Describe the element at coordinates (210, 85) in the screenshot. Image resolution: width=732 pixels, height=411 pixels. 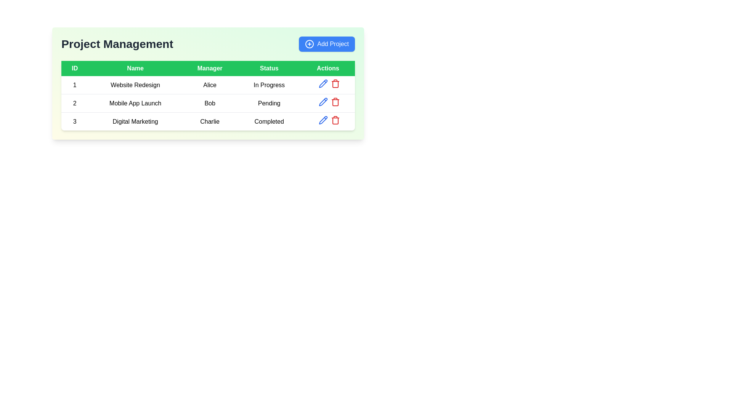
I see `the text label indicating the manager` at that location.